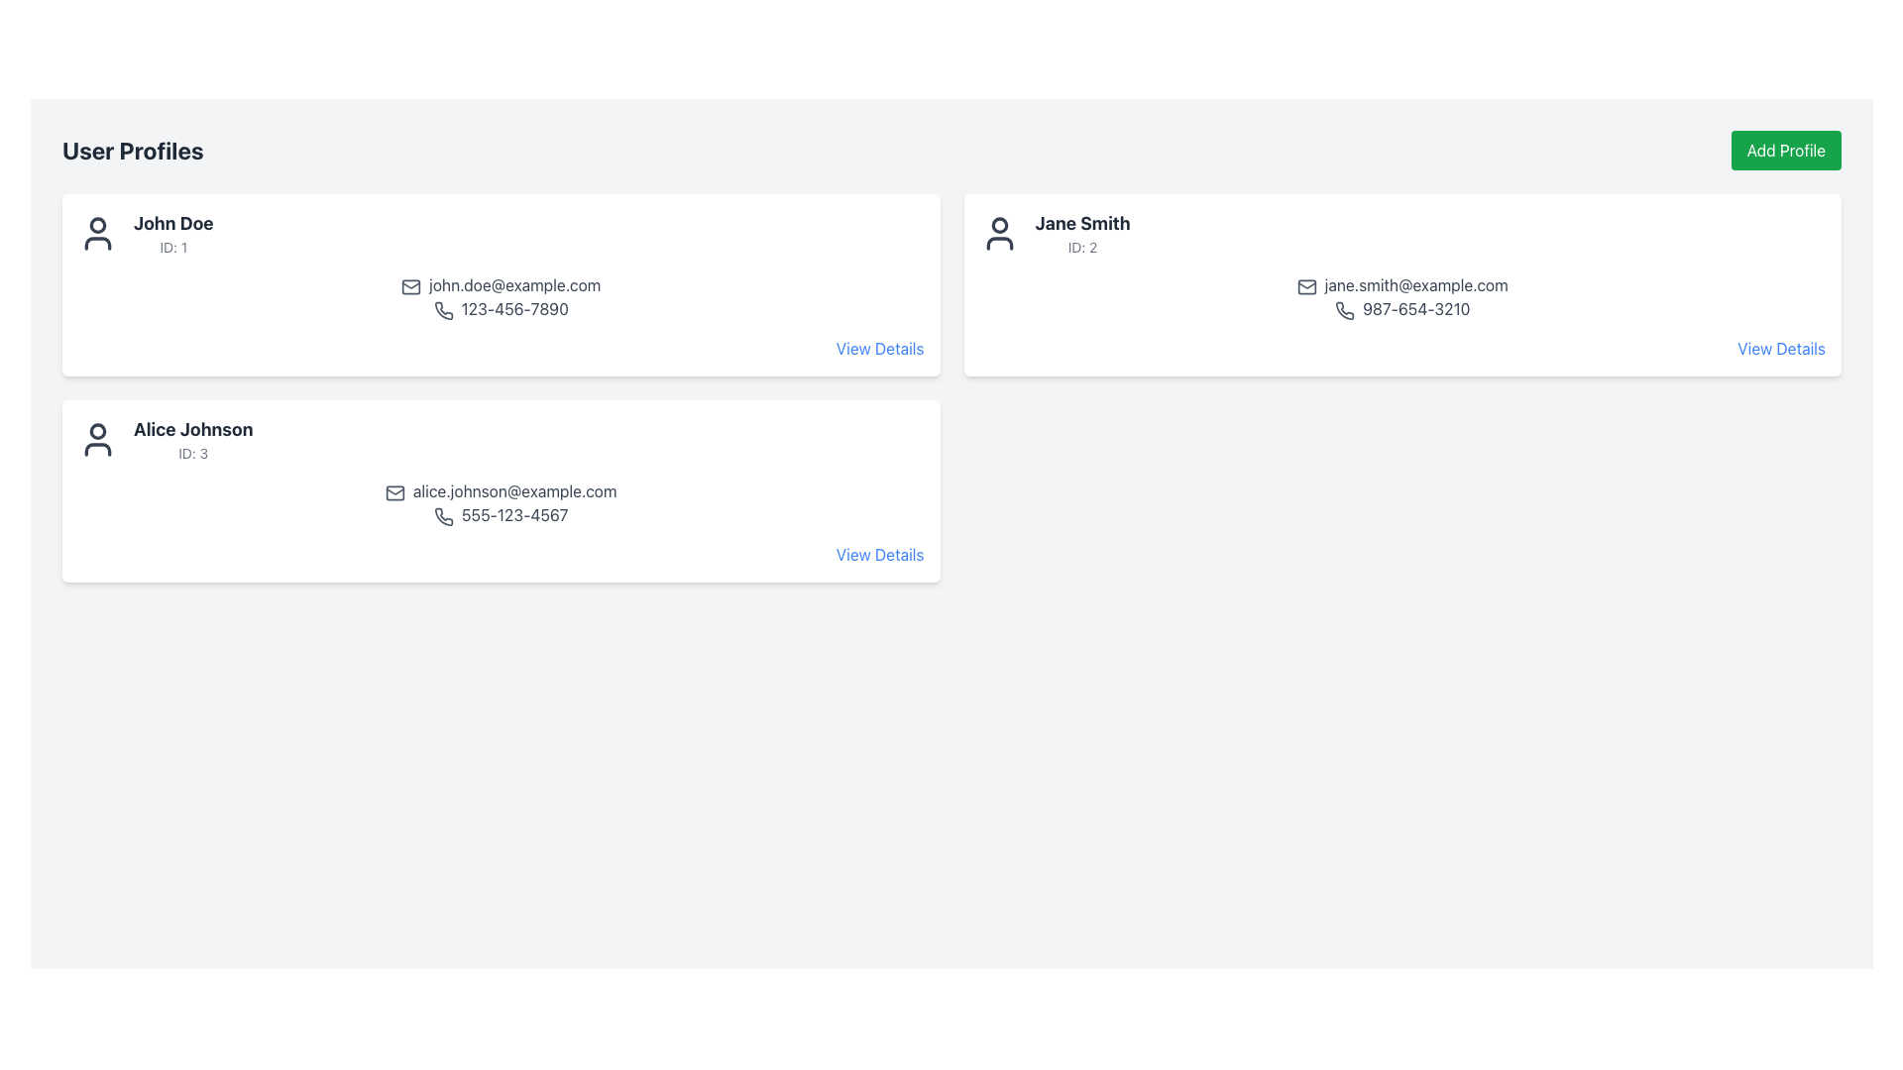 This screenshot has width=1903, height=1070. I want to click on the email icon located in the profile card of 'John Doe', adjacent to the email address 'john.doe@example.com', so click(410, 286).